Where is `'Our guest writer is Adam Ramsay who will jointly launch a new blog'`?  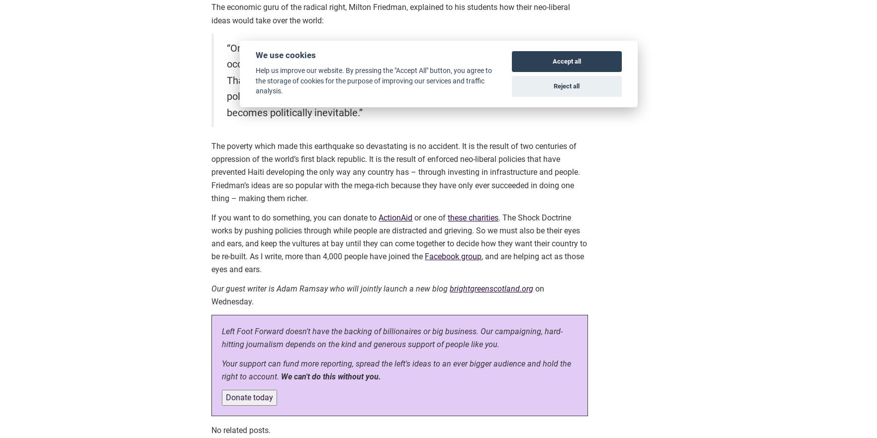
'Our guest writer is Adam Ramsay who will jointly launch a new blog' is located at coordinates (211, 288).